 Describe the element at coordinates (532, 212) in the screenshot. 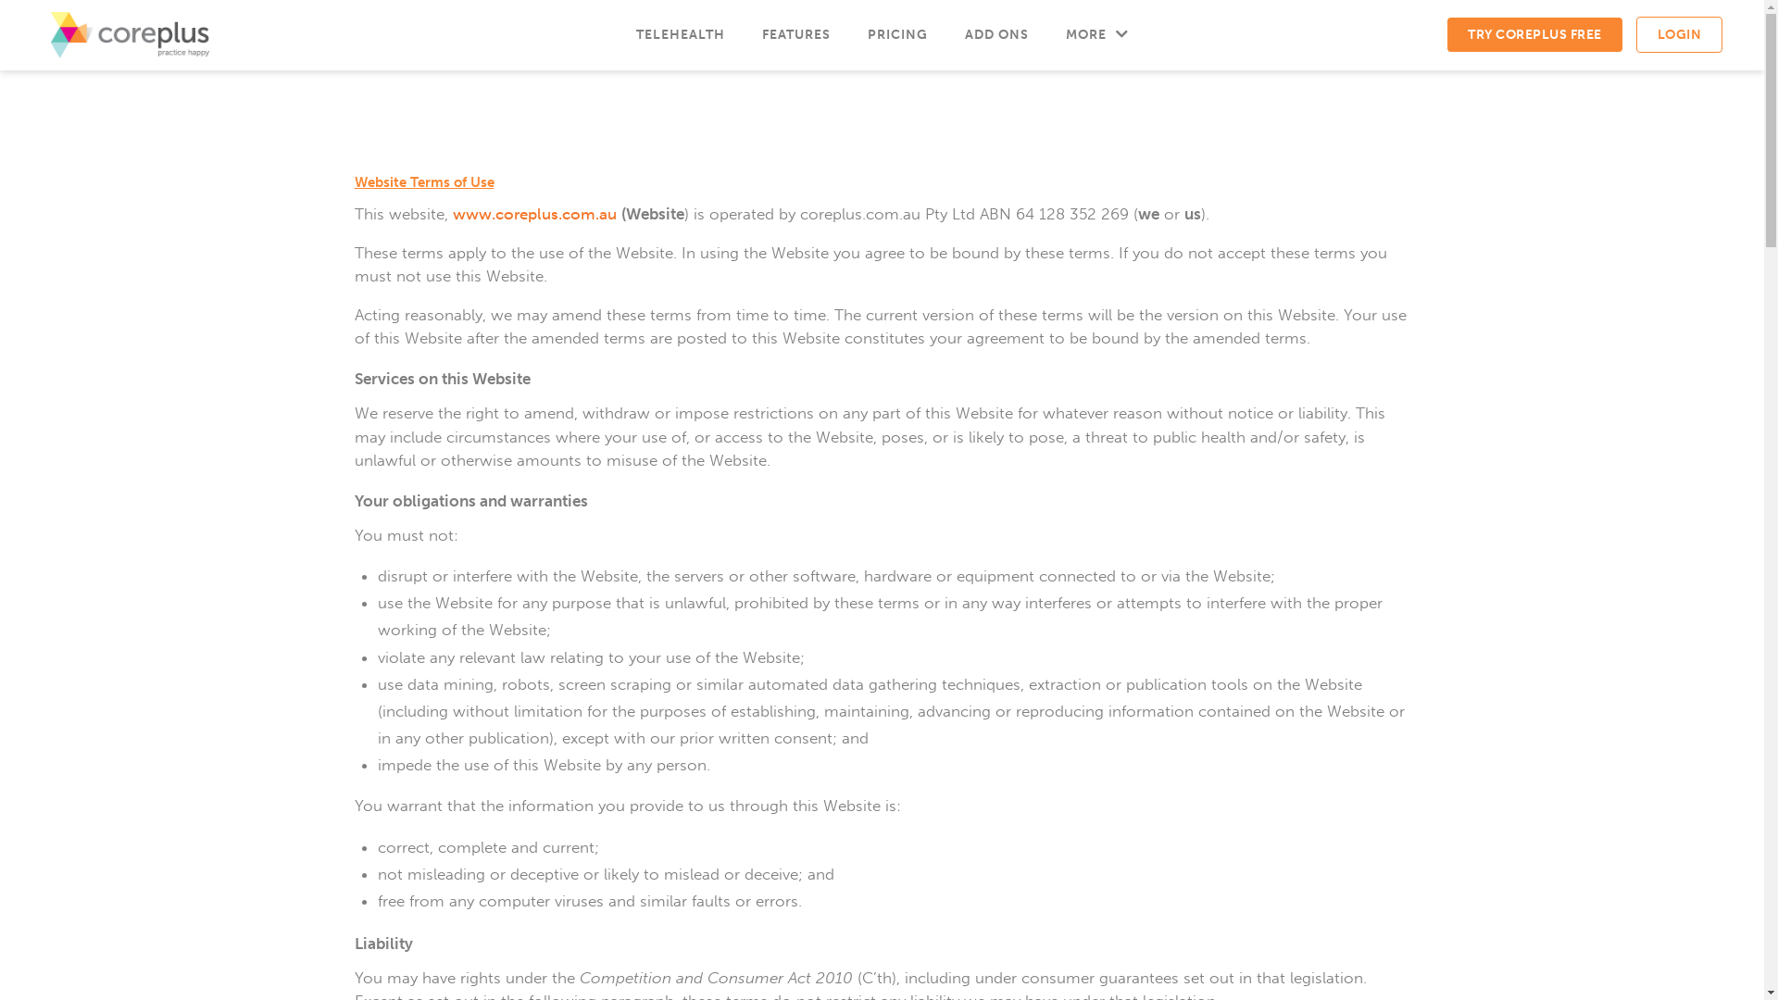

I see `'www.coreplus.com.au'` at that location.